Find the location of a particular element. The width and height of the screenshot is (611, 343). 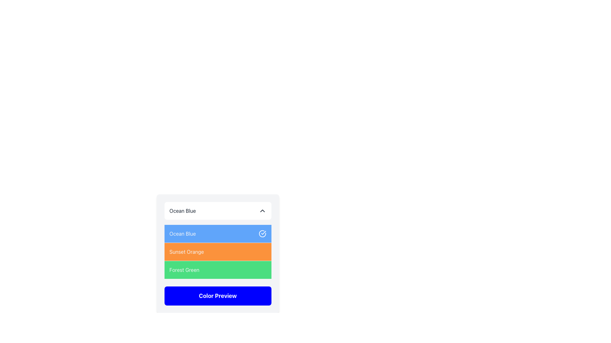

the second item in the list of selectable color theme options is located at coordinates (218, 251).